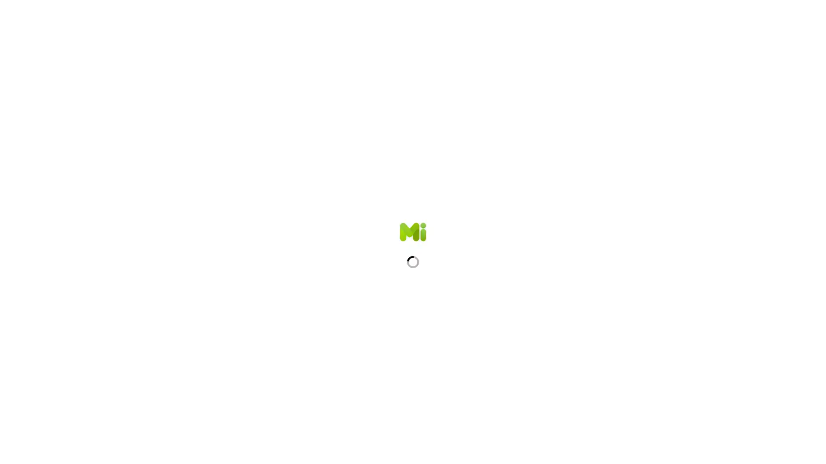 This screenshot has height=464, width=826. Describe the element at coordinates (107, 134) in the screenshot. I see `Sign Up` at that location.